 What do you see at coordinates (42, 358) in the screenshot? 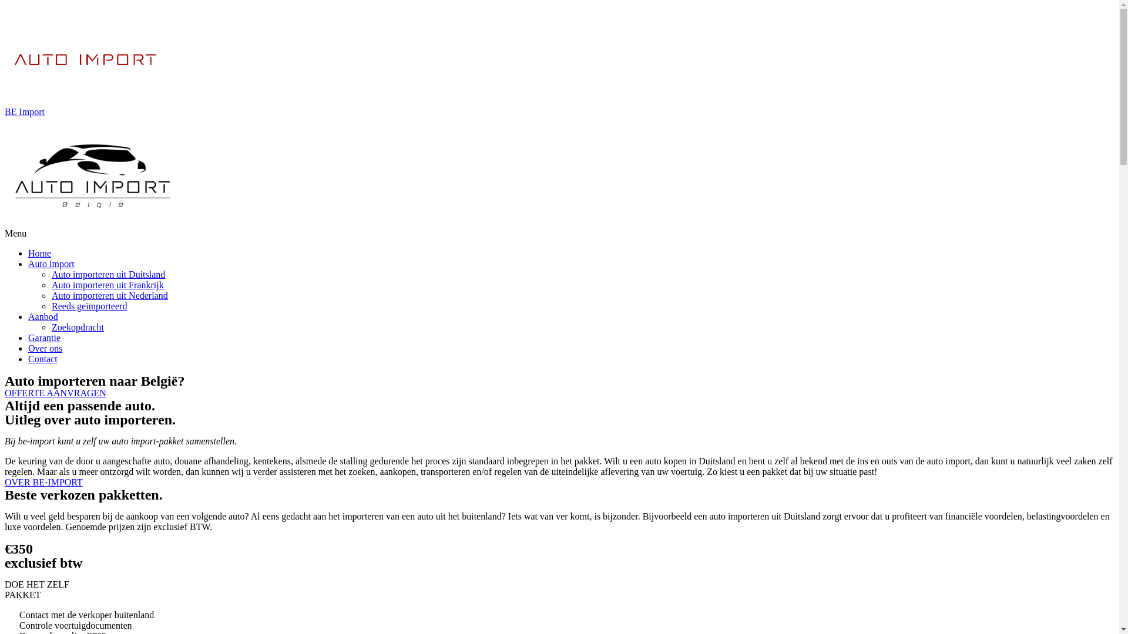
I see `'Contact'` at bounding box center [42, 358].